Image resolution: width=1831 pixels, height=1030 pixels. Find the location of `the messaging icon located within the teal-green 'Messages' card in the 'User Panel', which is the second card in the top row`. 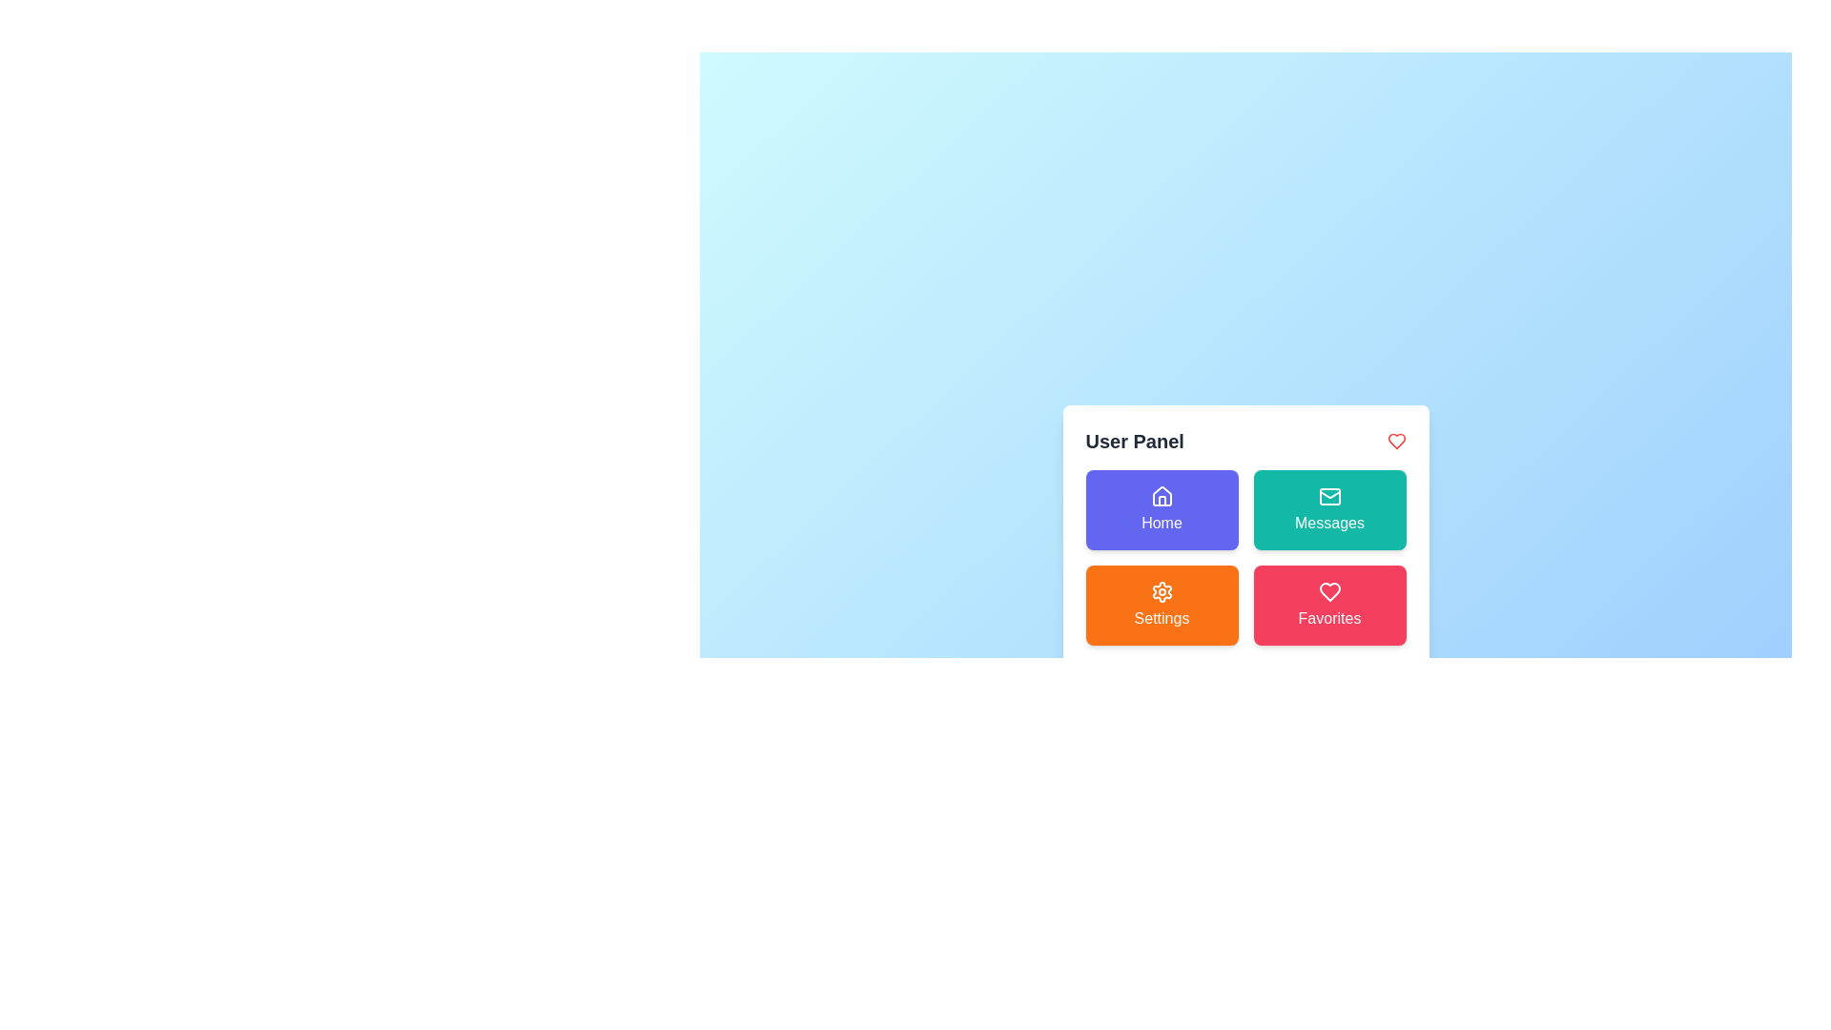

the messaging icon located within the teal-green 'Messages' card in the 'User Panel', which is the second card in the top row is located at coordinates (1328, 495).